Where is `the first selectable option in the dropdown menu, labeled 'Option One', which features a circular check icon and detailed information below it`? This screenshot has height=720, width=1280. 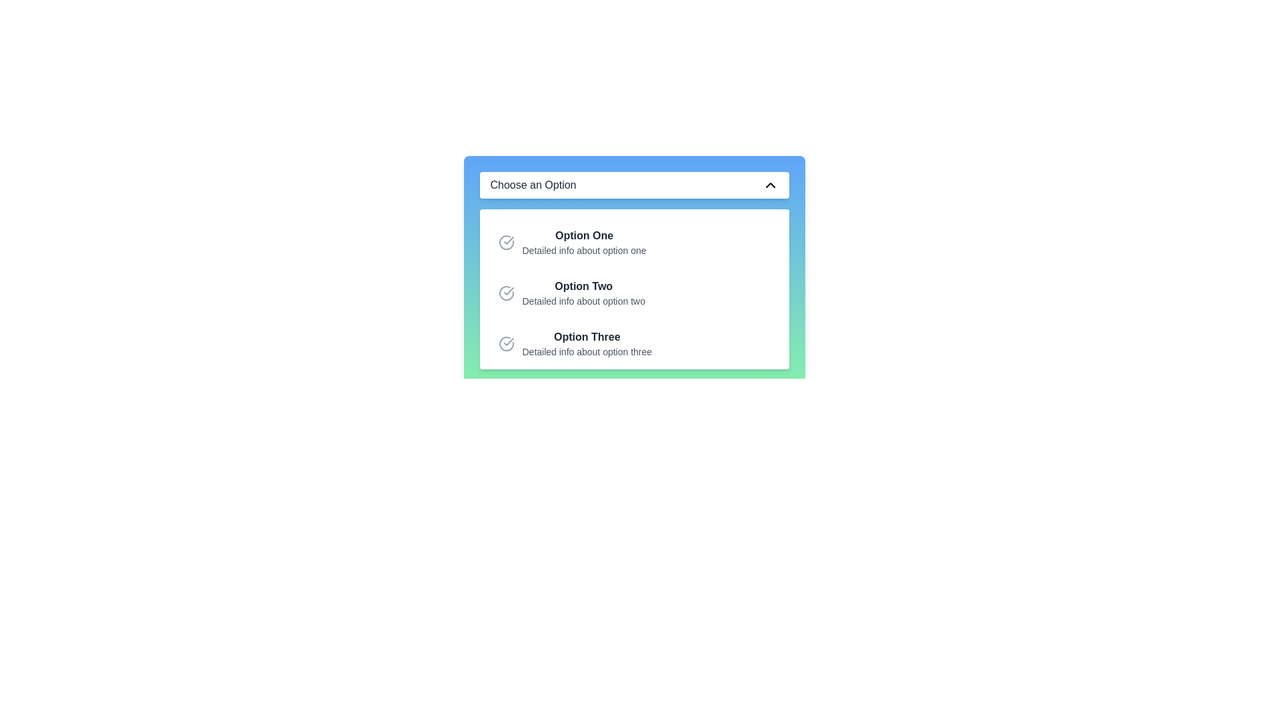
the first selectable option in the dropdown menu, labeled 'Option One', which features a circular check icon and detailed information below it is located at coordinates (633, 242).